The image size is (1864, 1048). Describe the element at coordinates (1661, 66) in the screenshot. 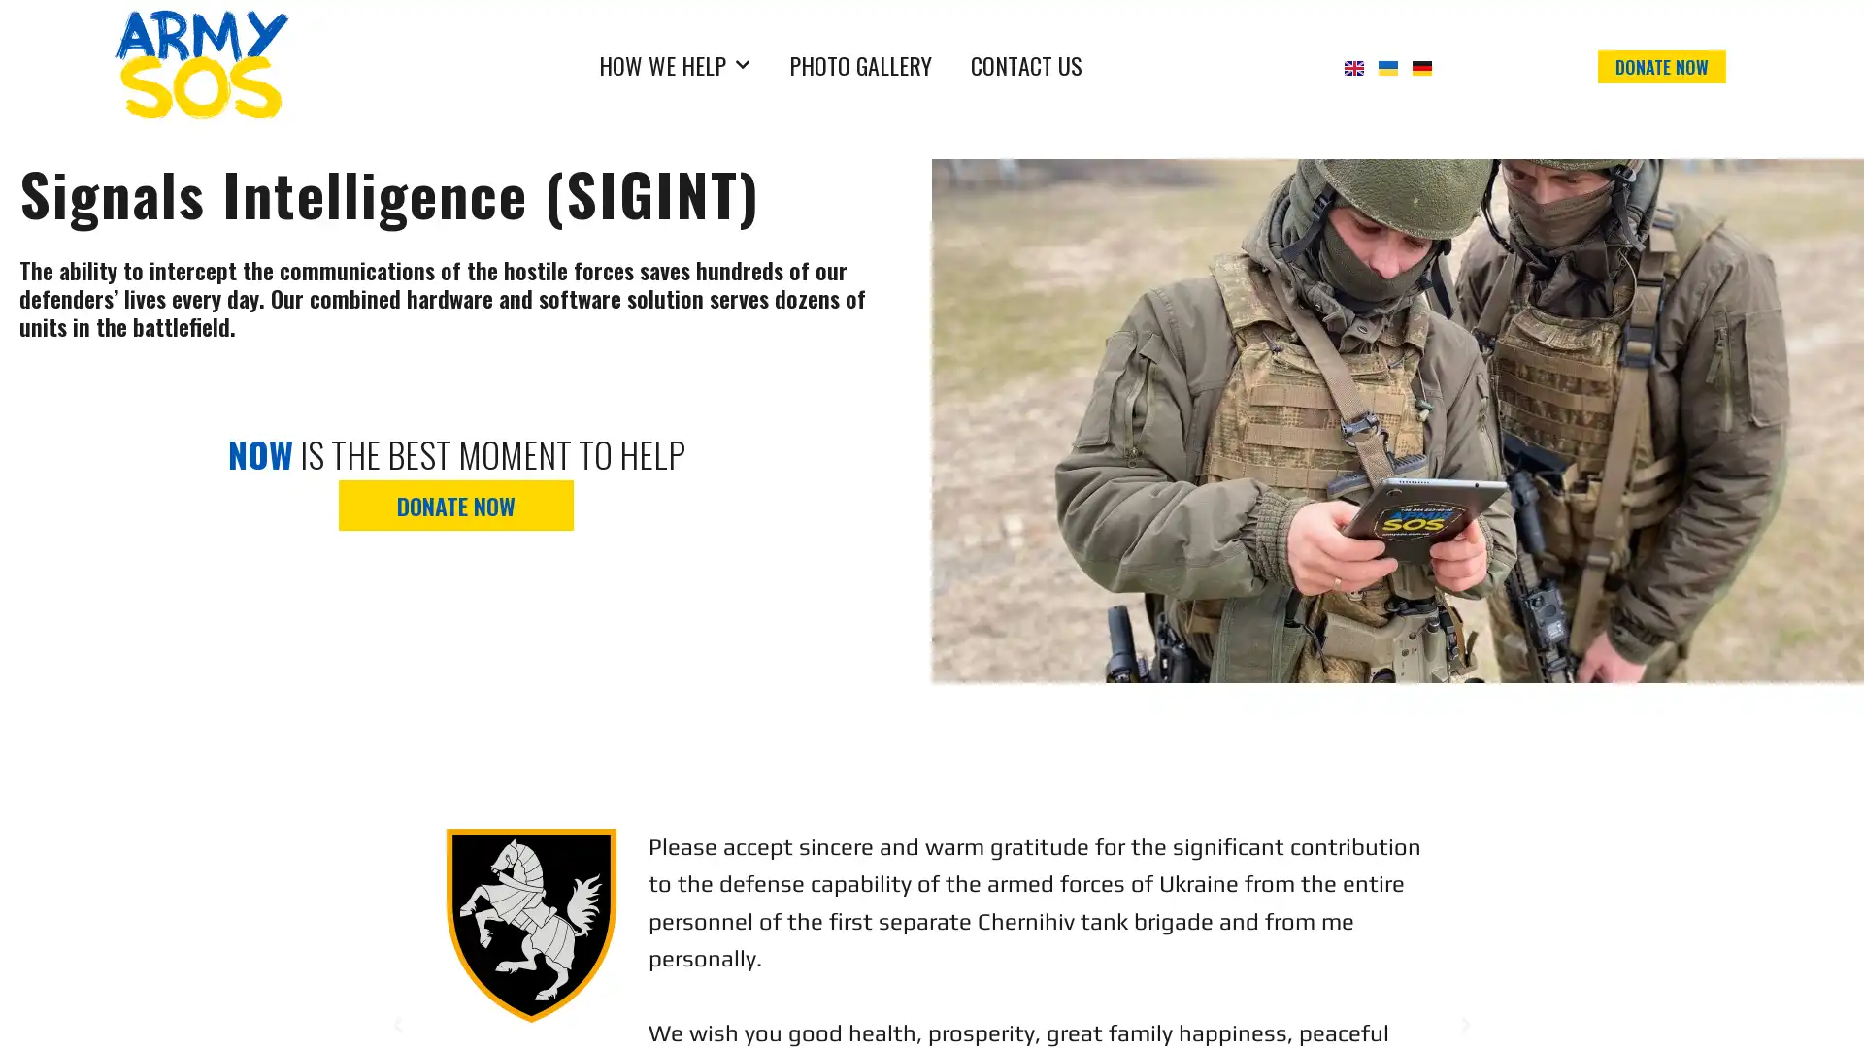

I see `DONATE NOW` at that location.